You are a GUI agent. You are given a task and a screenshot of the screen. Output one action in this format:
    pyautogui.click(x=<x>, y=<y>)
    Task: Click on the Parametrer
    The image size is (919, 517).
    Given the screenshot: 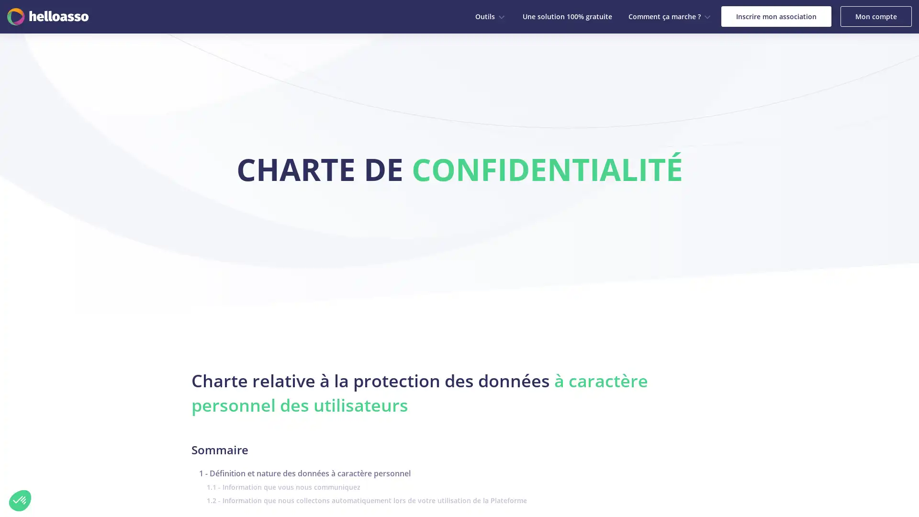 What is the action you would take?
    pyautogui.click(x=110, y=468)
    